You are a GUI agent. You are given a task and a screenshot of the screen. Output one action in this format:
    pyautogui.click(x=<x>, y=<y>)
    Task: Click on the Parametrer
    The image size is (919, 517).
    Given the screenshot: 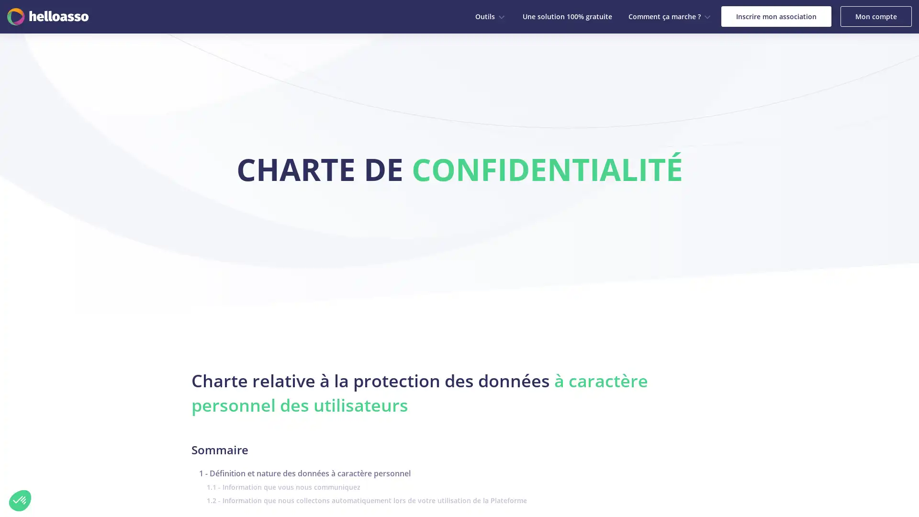 What is the action you would take?
    pyautogui.click(x=110, y=468)
    